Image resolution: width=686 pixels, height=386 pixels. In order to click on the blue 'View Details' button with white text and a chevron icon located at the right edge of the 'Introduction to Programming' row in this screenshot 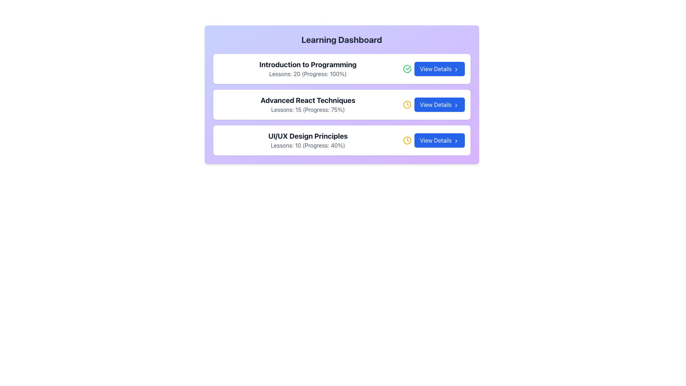, I will do `click(439, 69)`.